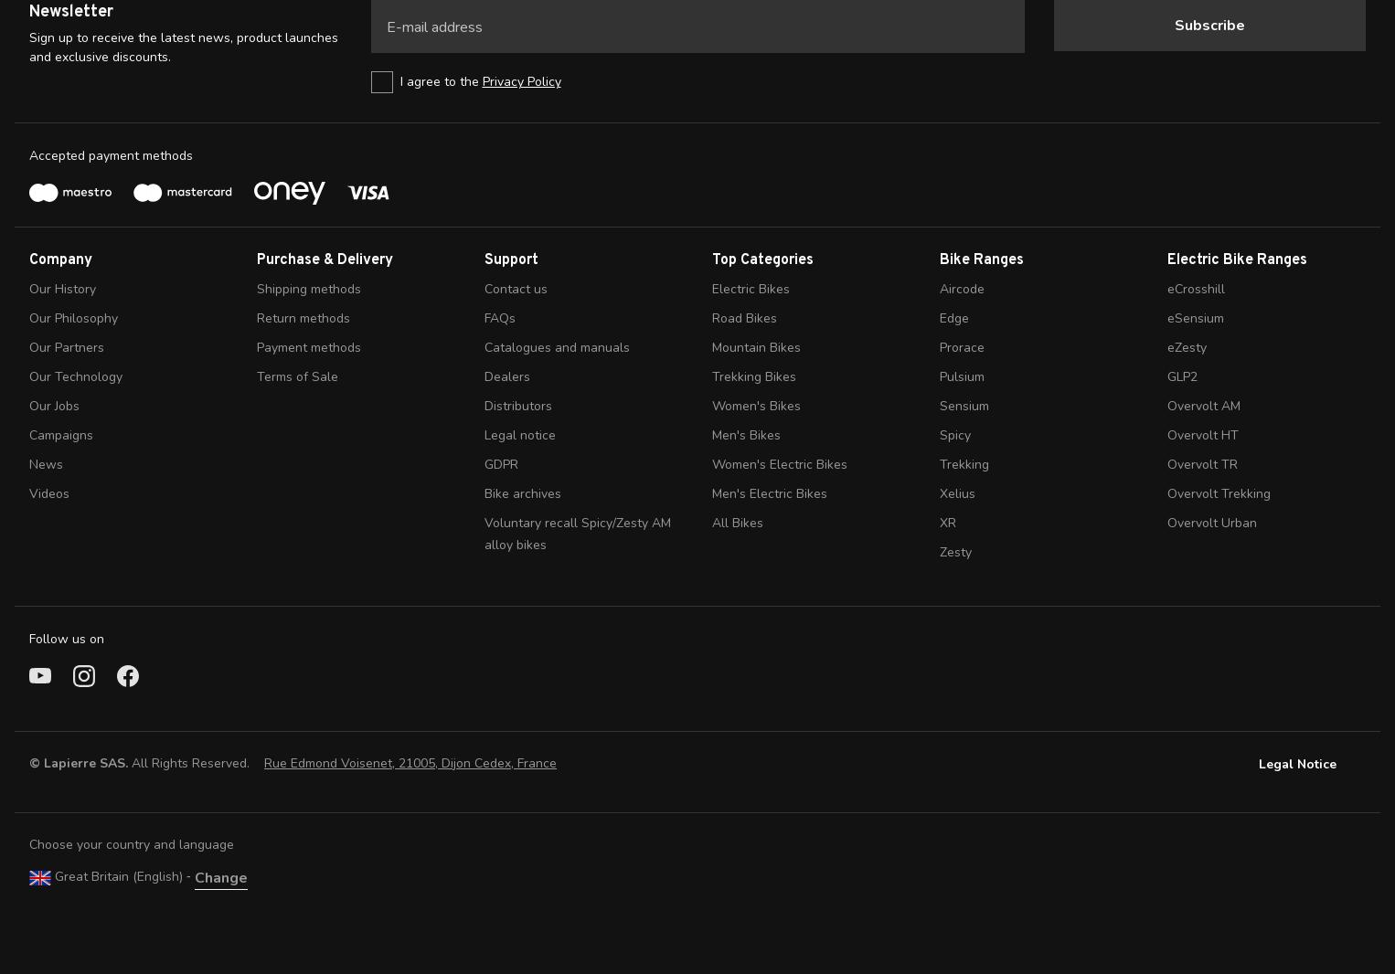 The image size is (1395, 974). What do you see at coordinates (484, 288) in the screenshot?
I see `'Contact us'` at bounding box center [484, 288].